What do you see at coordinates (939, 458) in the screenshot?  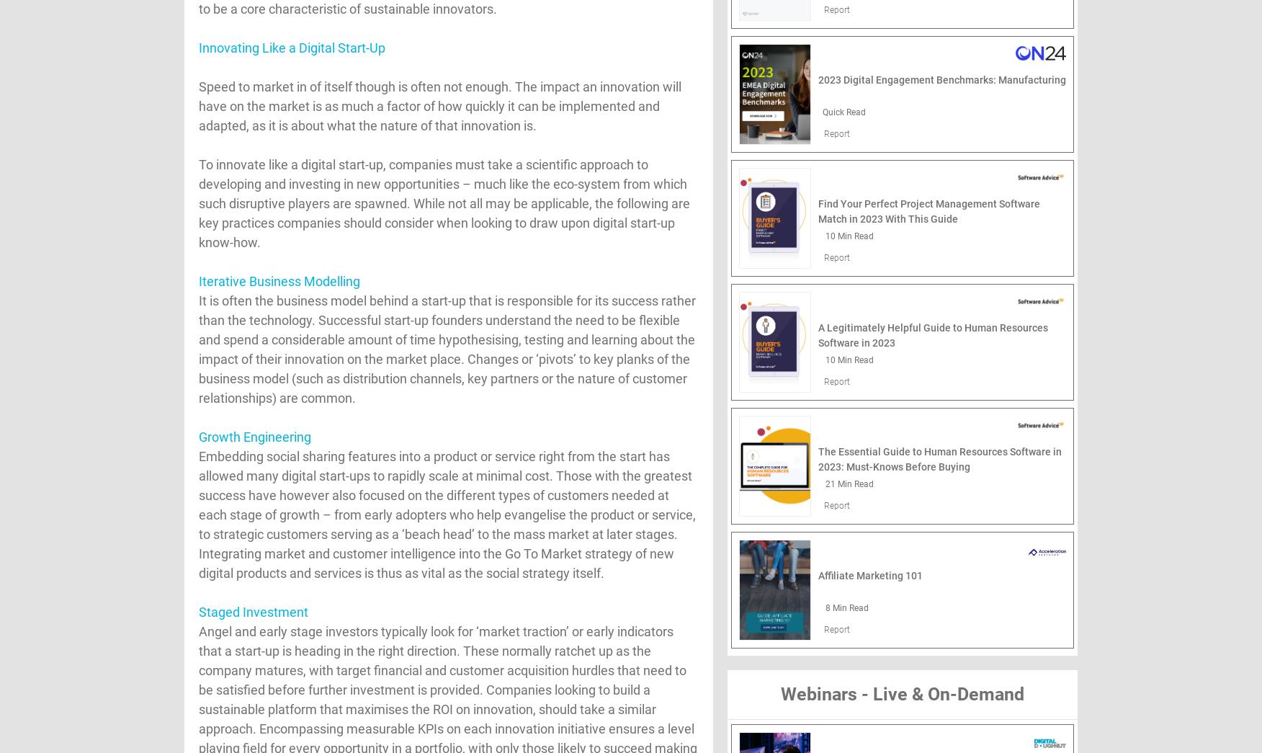 I see `'The Essential Guide to Human Resources Software in 2023: Must-Knows Before Buying'` at bounding box center [939, 458].